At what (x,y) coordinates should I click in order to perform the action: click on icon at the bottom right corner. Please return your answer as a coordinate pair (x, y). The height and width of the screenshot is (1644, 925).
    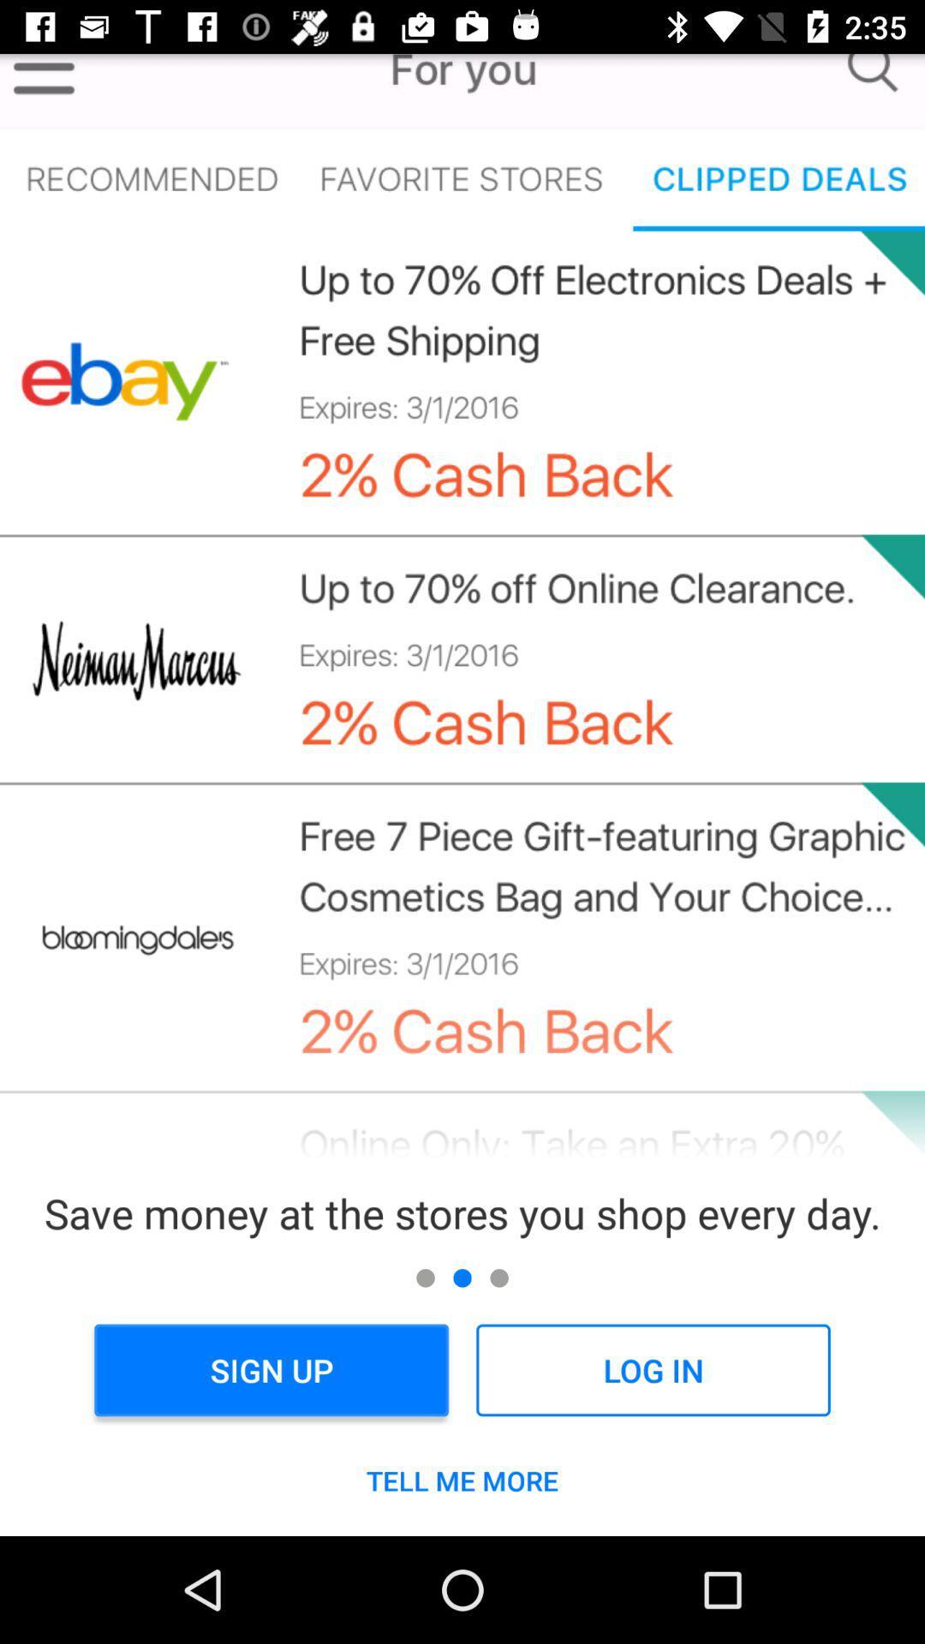
    Looking at the image, I should click on (653, 1370).